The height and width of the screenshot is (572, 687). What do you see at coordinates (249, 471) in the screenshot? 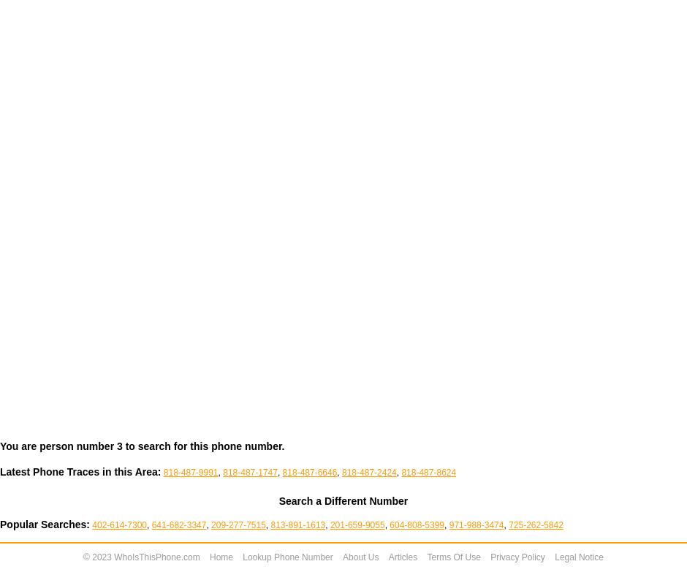
I see `'818-487-1747'` at bounding box center [249, 471].